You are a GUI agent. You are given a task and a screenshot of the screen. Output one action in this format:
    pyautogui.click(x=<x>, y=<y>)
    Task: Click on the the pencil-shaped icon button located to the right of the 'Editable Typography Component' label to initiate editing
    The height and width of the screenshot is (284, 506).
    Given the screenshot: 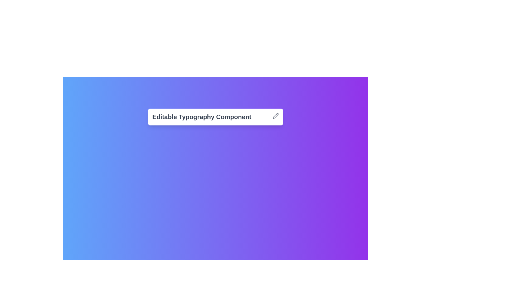 What is the action you would take?
    pyautogui.click(x=275, y=115)
    